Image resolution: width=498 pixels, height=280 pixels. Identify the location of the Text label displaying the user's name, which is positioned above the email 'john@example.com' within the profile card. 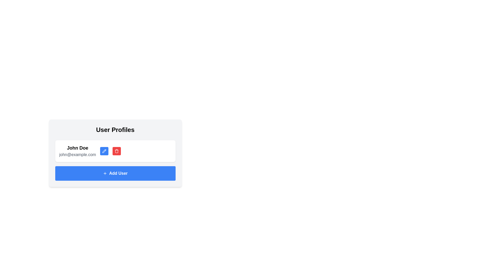
(77, 148).